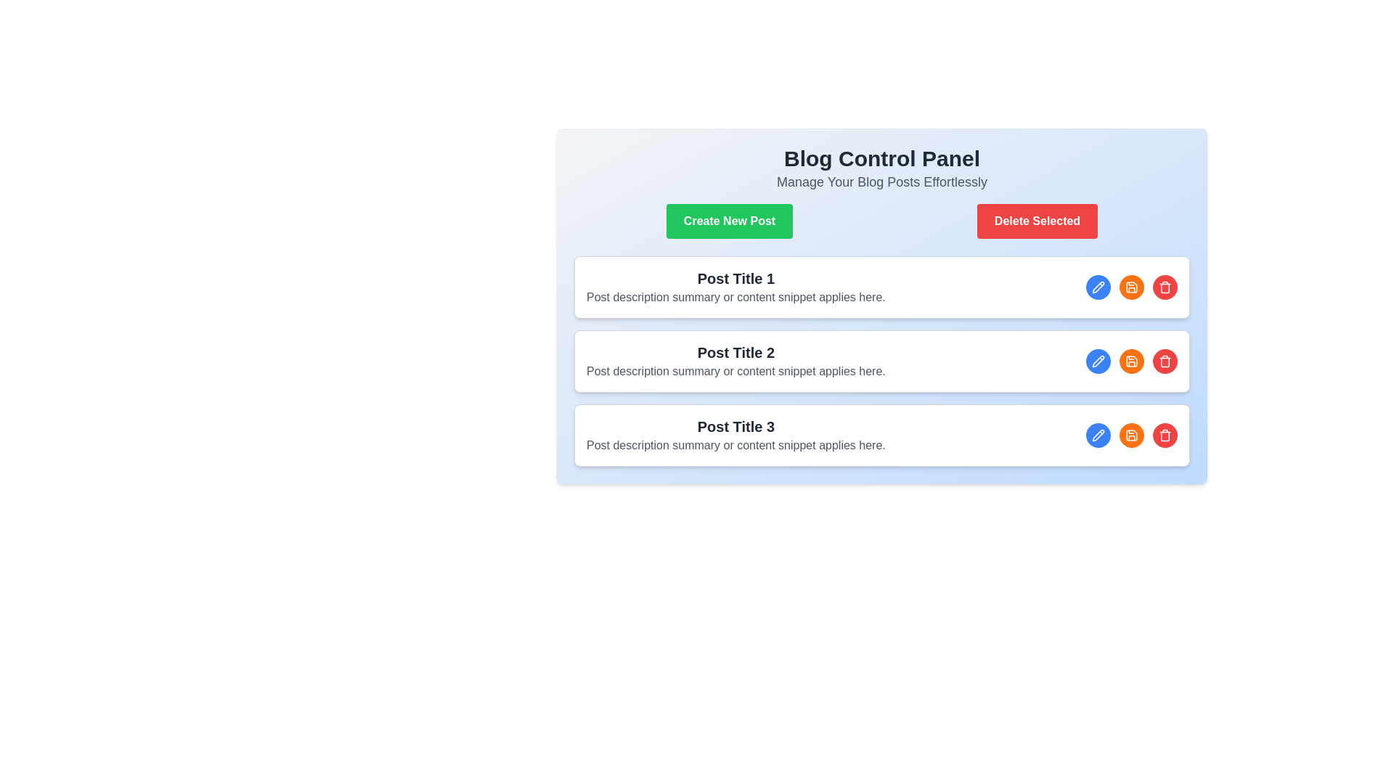  I want to click on the save button associated with the blog post entry labeled 'Post Title 2', which is the middle button in a set of three buttons (blue, orange, red), so click(1131, 360).